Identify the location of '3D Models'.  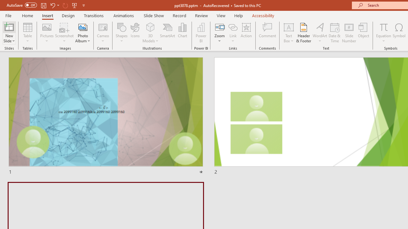
(150, 27).